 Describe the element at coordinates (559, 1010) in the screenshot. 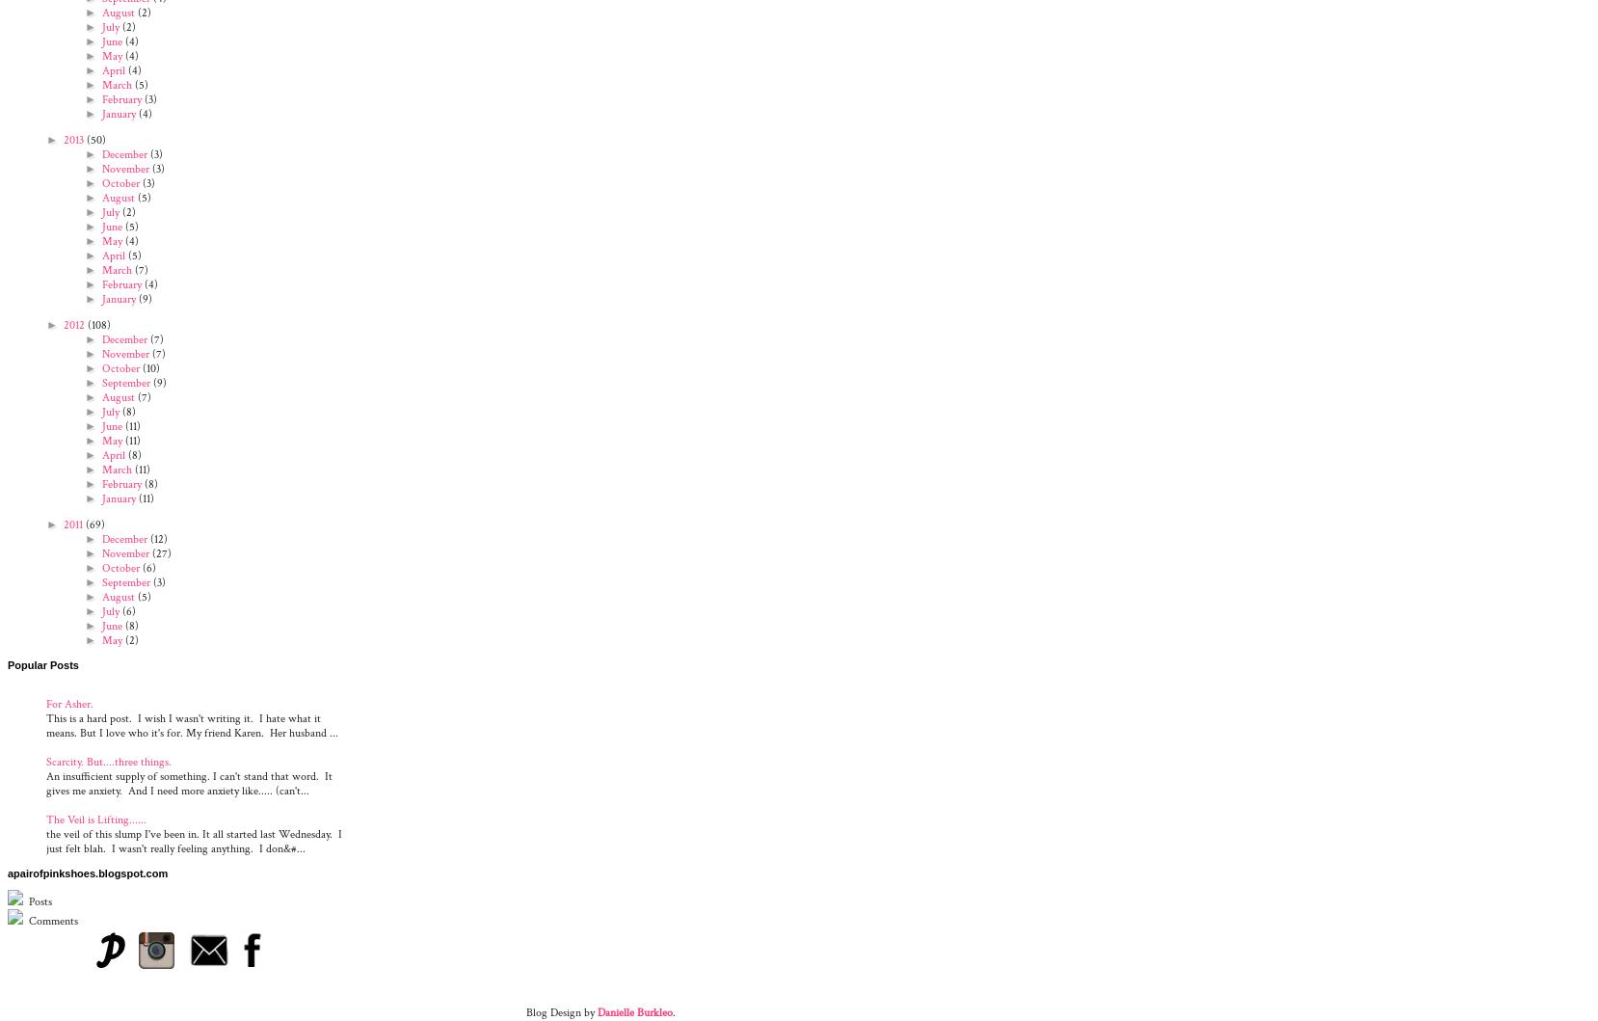

I see `'Blog Design by'` at that location.